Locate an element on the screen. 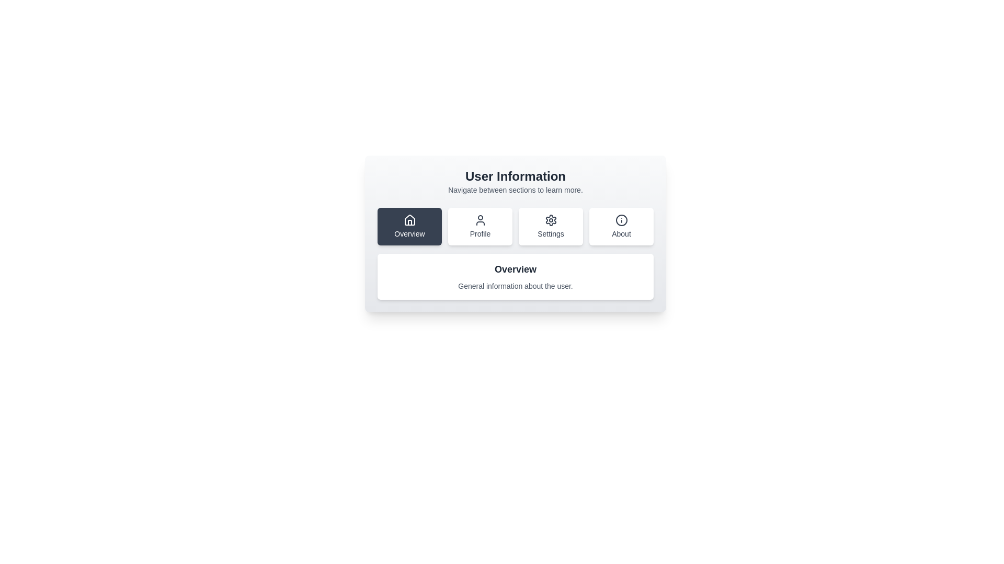  the 'About' button, which is a square icon with a white background and an 'info' icon above the text 'About' is located at coordinates (621, 226).